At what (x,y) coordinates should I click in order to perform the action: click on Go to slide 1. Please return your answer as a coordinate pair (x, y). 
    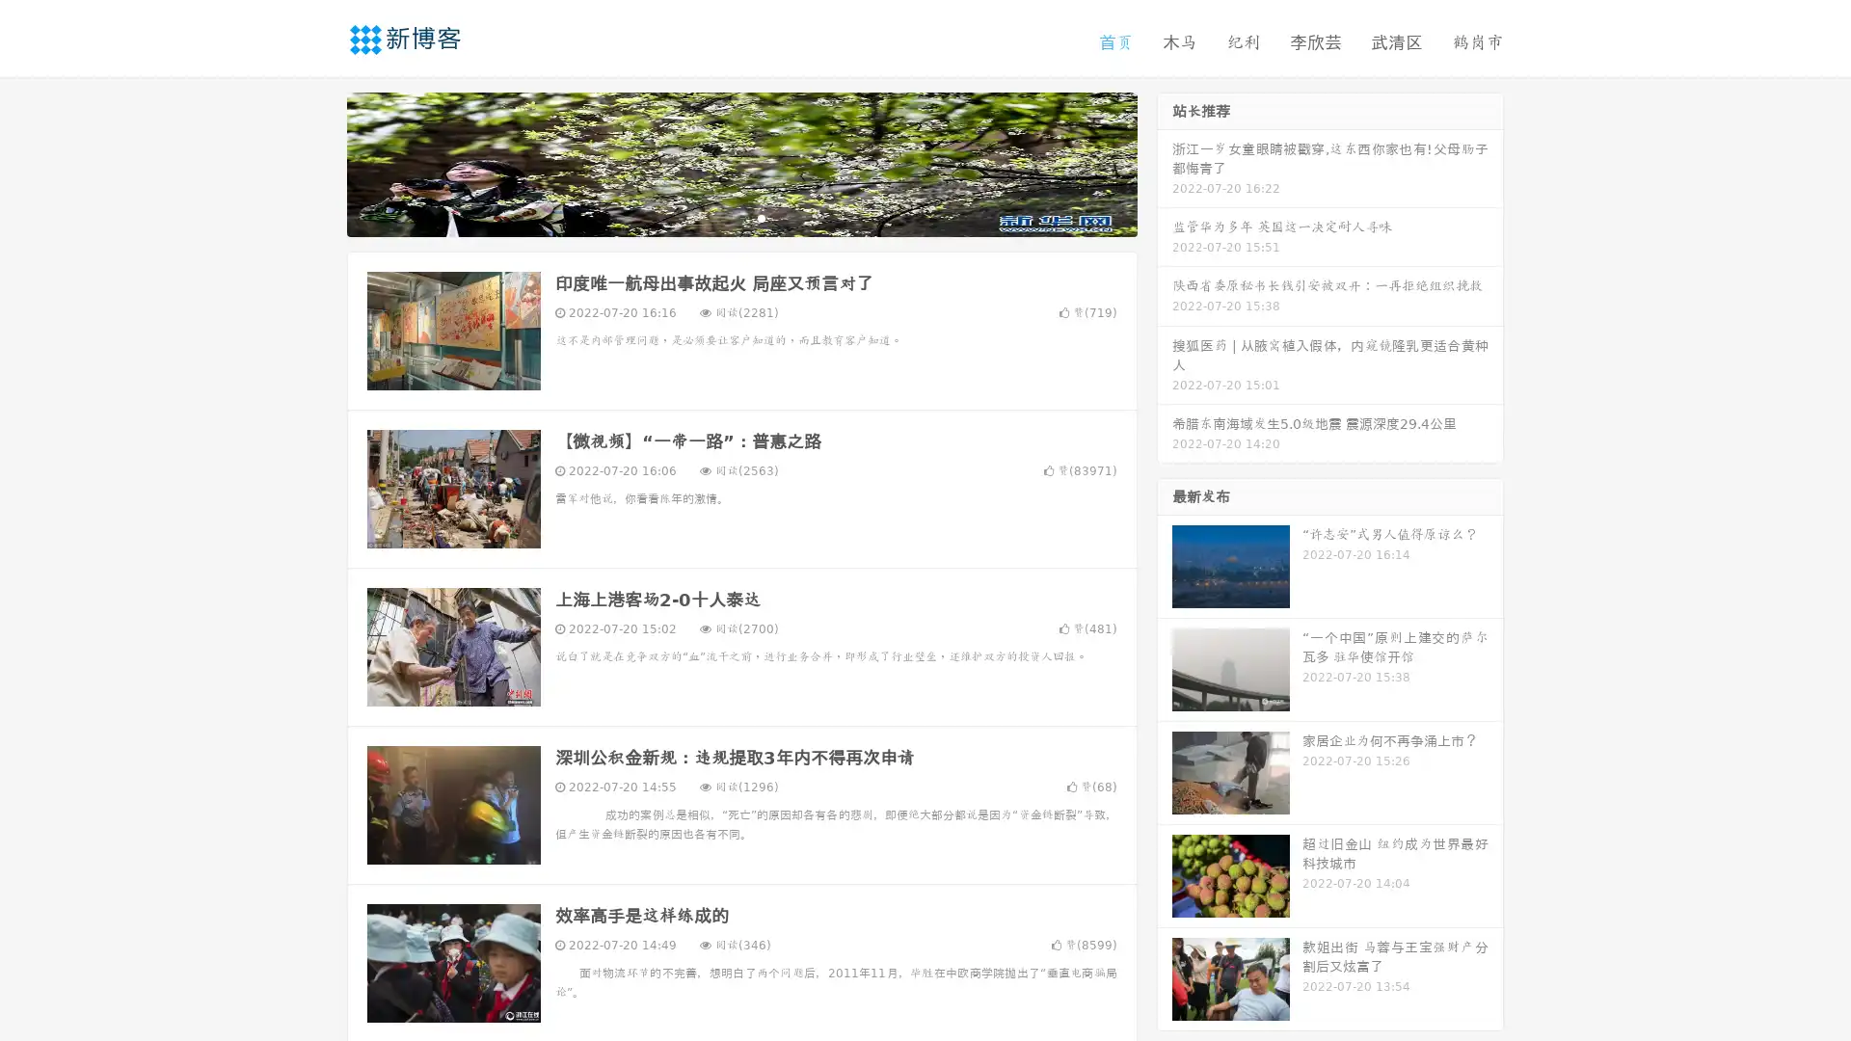
    Looking at the image, I should click on (721, 217).